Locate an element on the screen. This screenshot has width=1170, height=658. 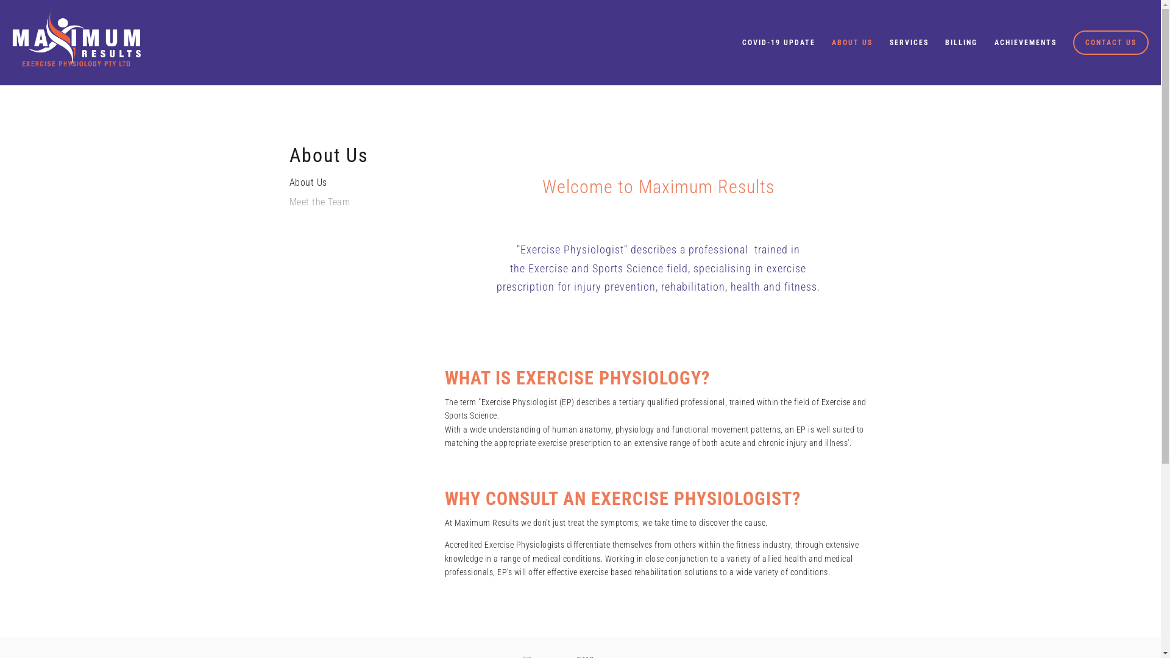
'ACHIEVEMENTS' is located at coordinates (1025, 41).